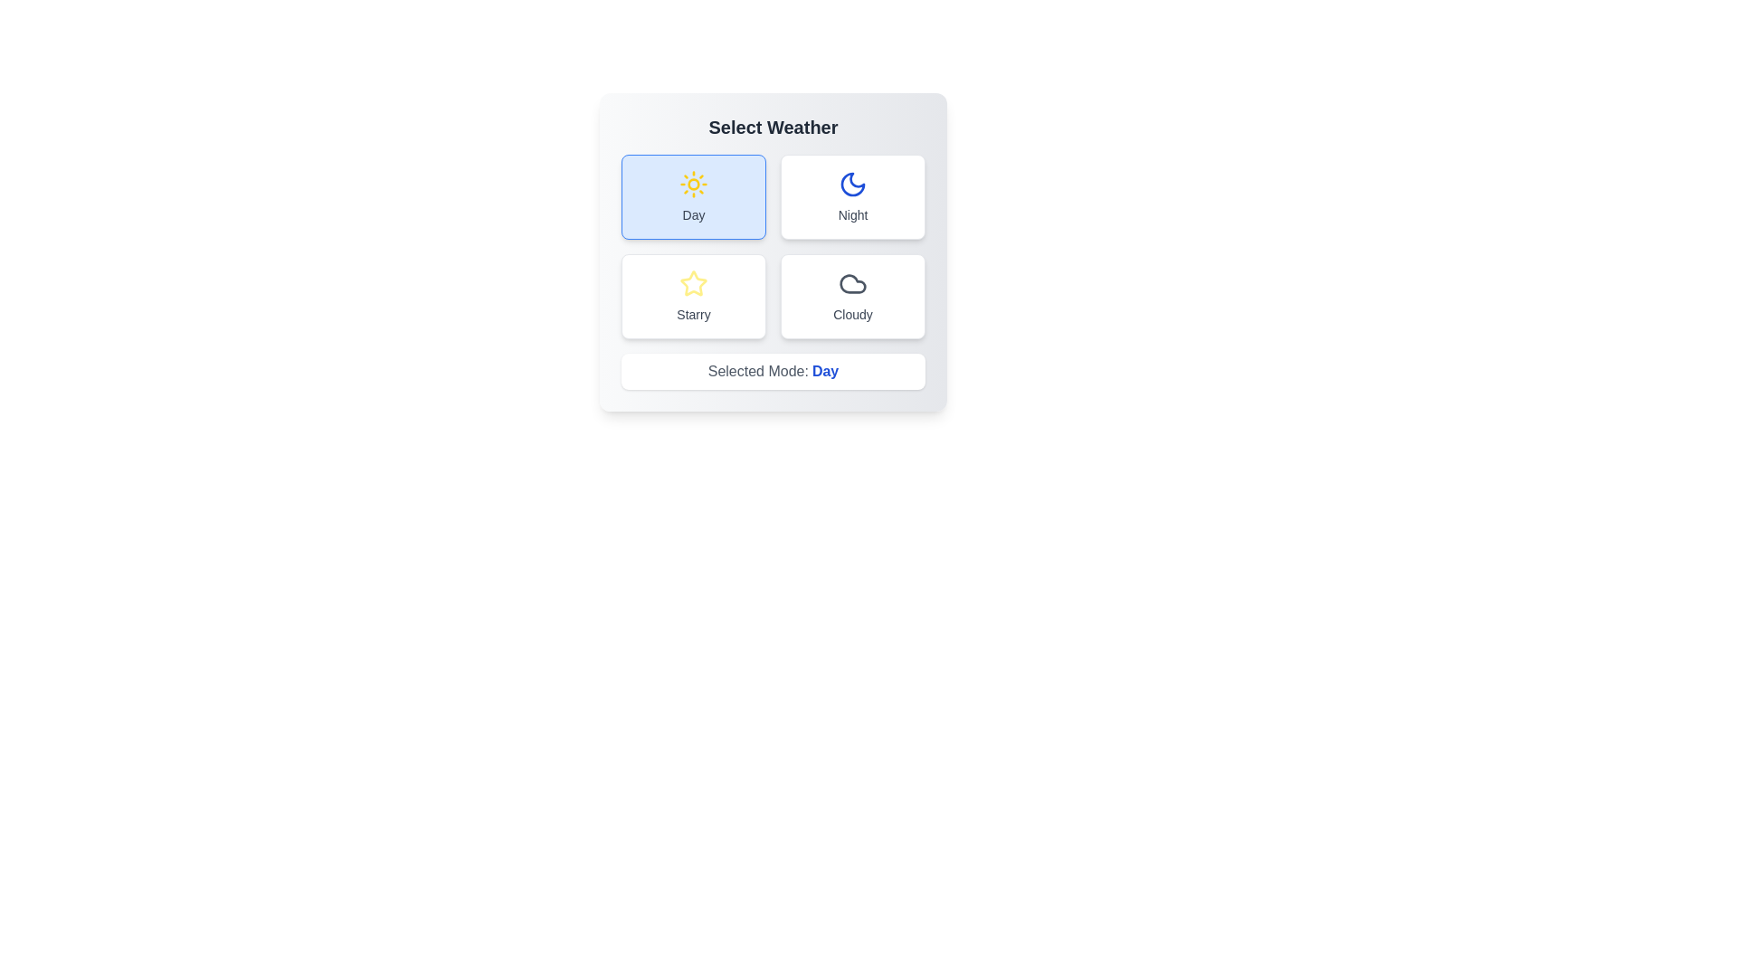  Describe the element at coordinates (851, 313) in the screenshot. I see `the text label of the button corresponding to Cloudy` at that location.